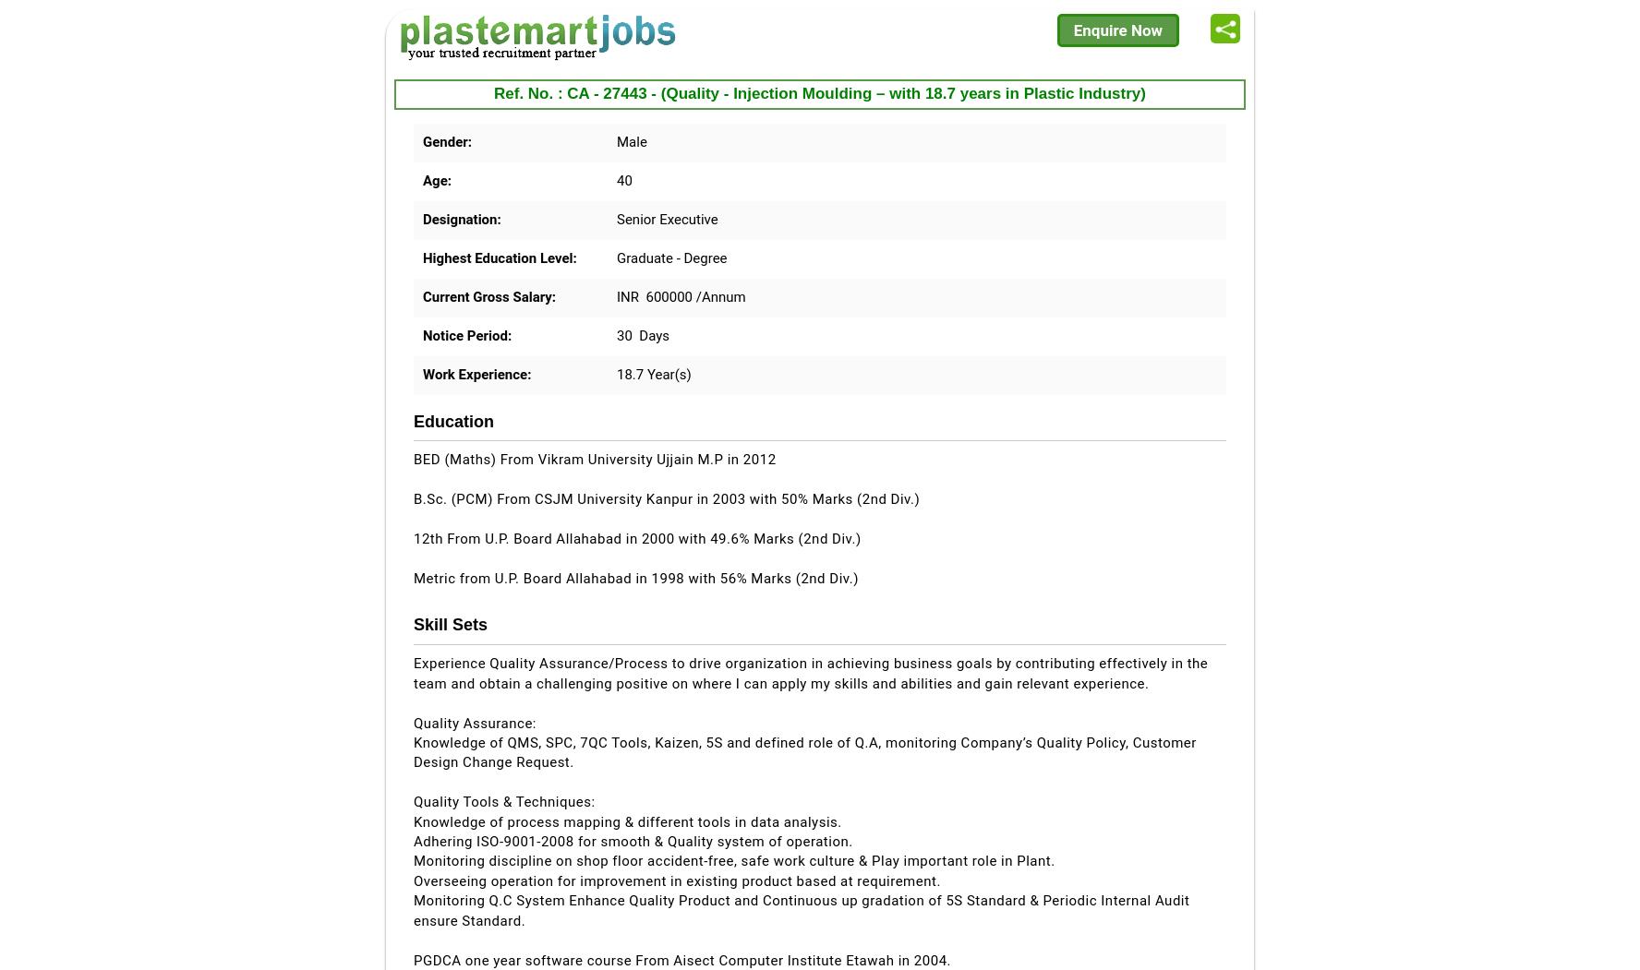 The image size is (1640, 970). Describe the element at coordinates (503, 800) in the screenshot. I see `'Quality Tools & Techniques:'` at that location.